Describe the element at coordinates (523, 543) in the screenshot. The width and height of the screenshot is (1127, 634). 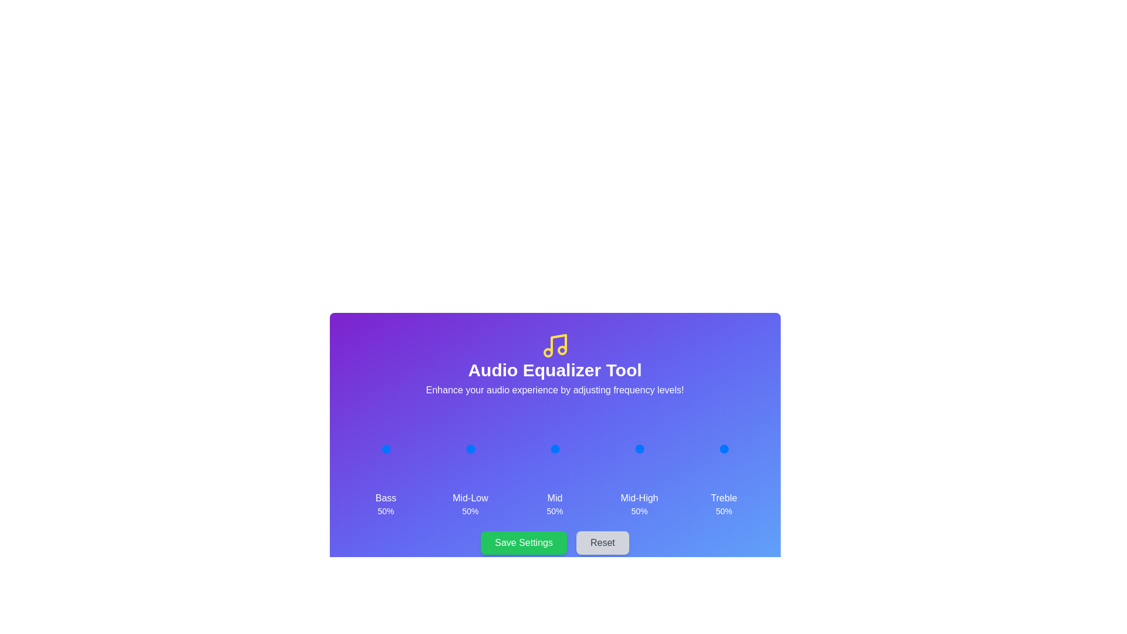
I see `'Save Settings' button to save the current adjustments` at that location.